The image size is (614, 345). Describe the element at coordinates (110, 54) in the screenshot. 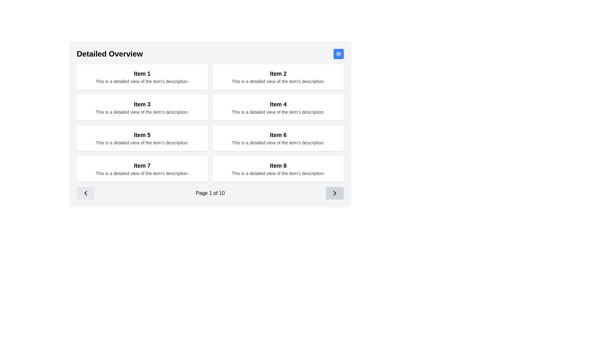

I see `text from the 'Detailed Overview' text label displayed prominently at the top-left corner of the content section` at that location.